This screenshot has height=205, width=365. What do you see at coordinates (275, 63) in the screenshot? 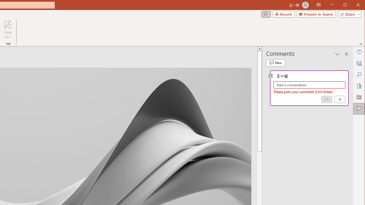
I see `'New comment'` at bounding box center [275, 63].